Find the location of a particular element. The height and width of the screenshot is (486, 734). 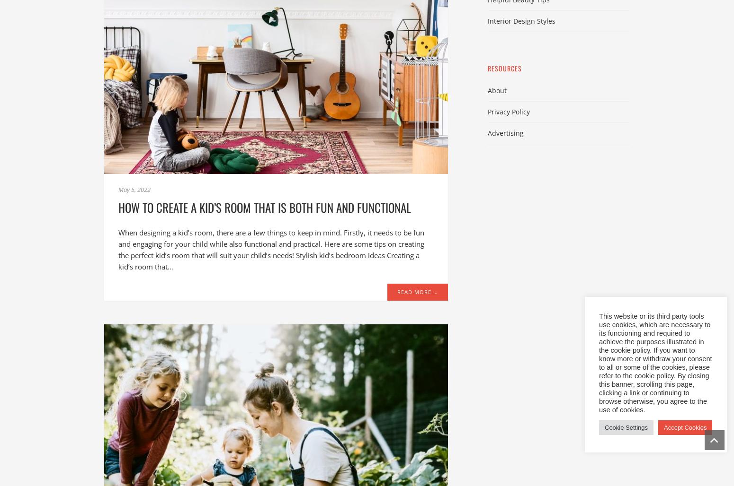

'Accept Cookies' is located at coordinates (684, 427).